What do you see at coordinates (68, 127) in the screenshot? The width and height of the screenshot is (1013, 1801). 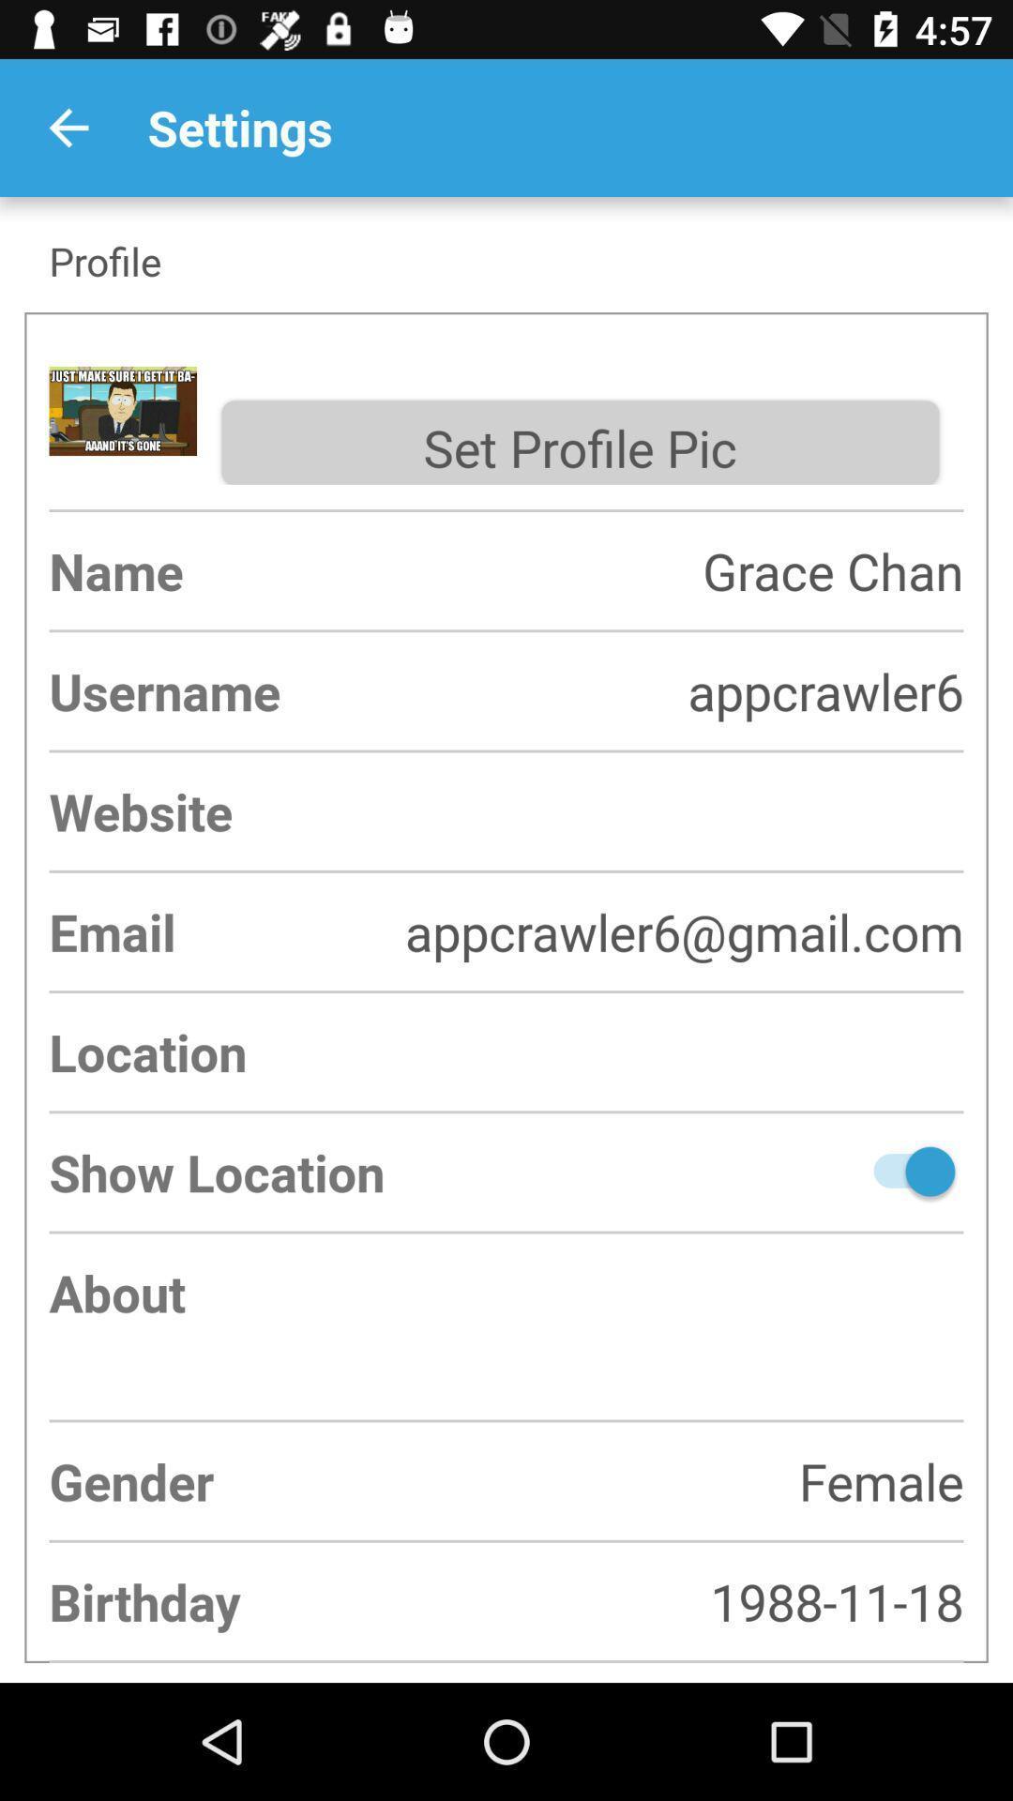 I see `app to the left of the settings icon` at bounding box center [68, 127].